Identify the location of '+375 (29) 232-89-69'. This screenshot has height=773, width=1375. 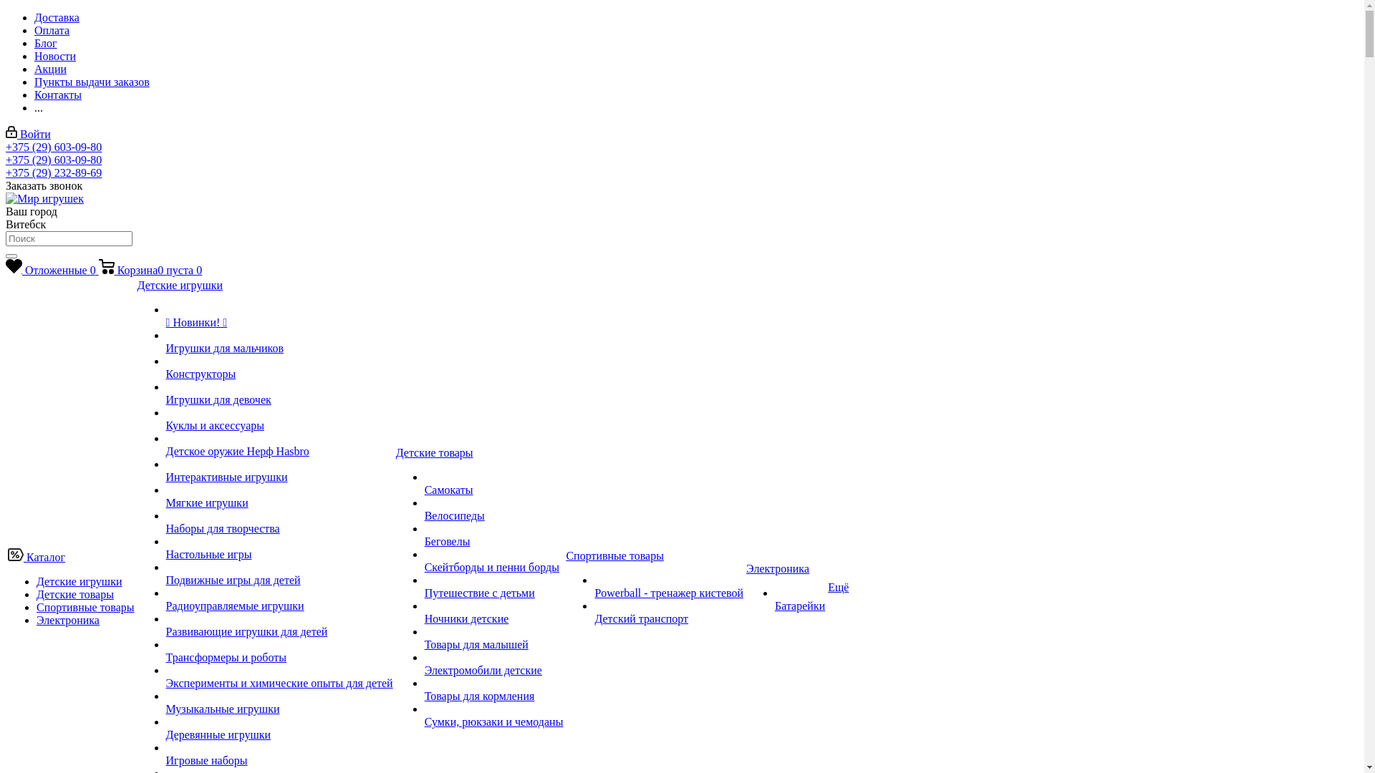
(54, 172).